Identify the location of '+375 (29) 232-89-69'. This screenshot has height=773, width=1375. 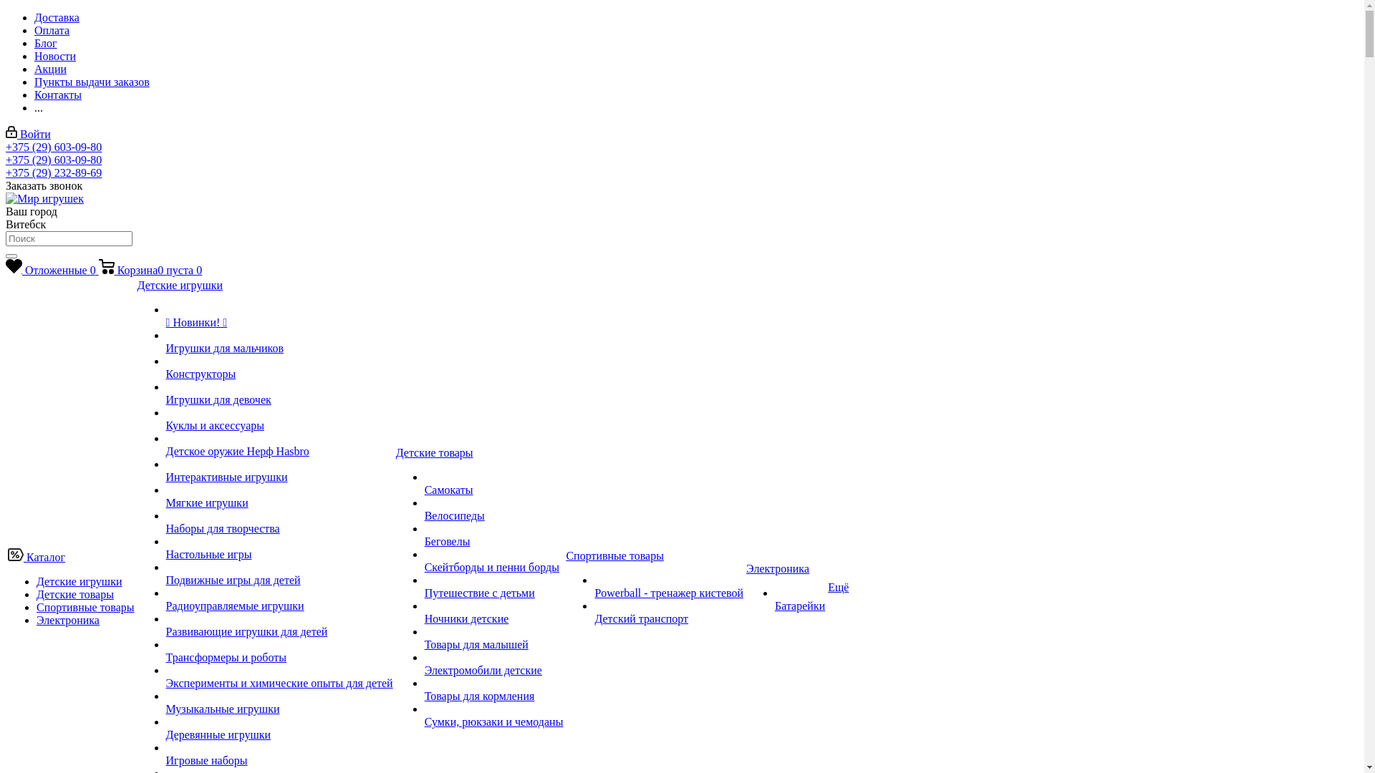
(54, 172).